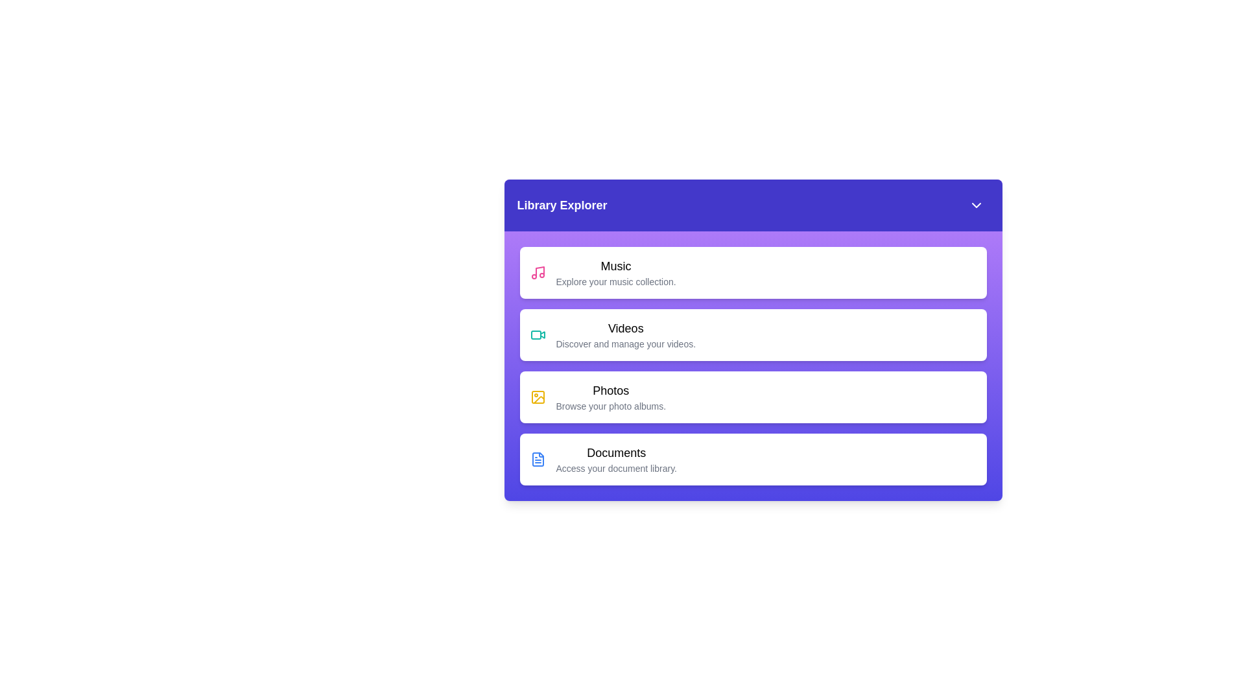  I want to click on the icon representing the Documents category, so click(538, 459).